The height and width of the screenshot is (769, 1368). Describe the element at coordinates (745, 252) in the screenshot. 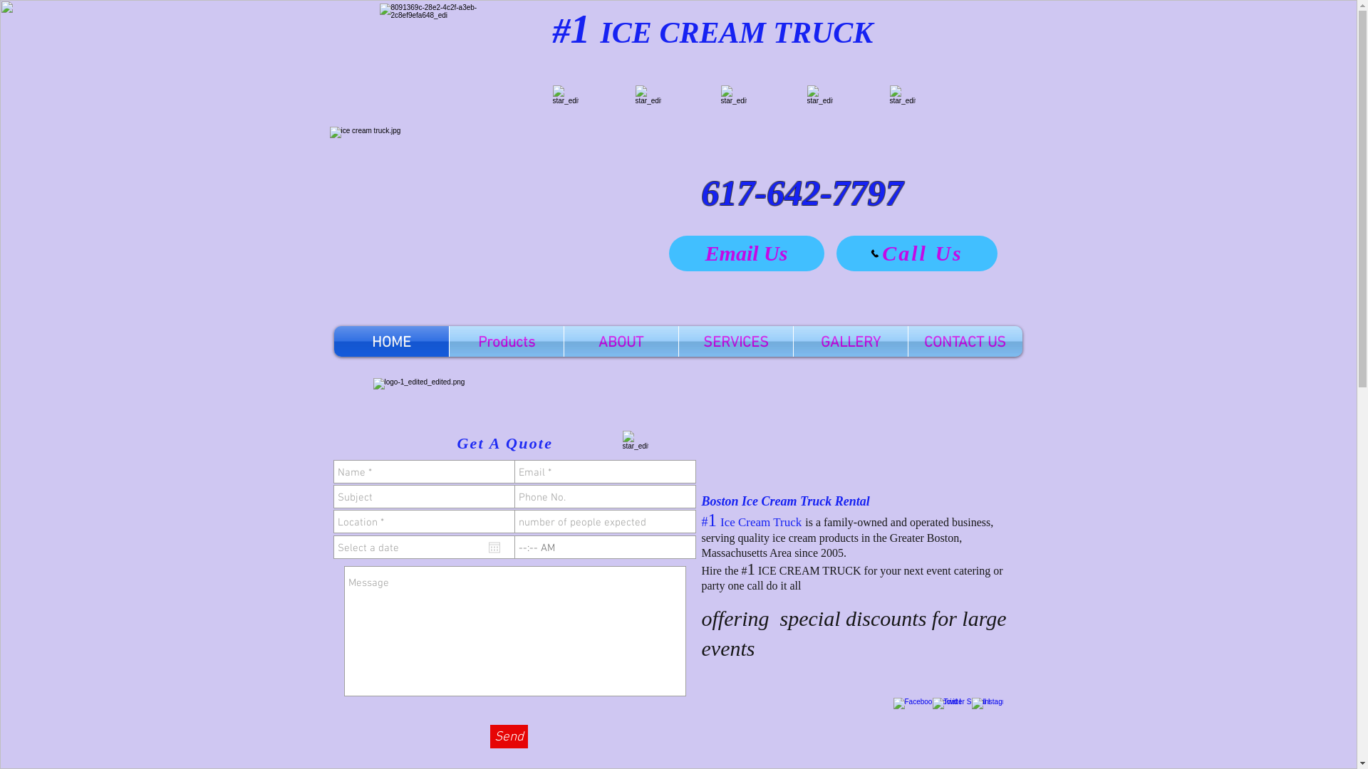

I see `'Email Us'` at that location.